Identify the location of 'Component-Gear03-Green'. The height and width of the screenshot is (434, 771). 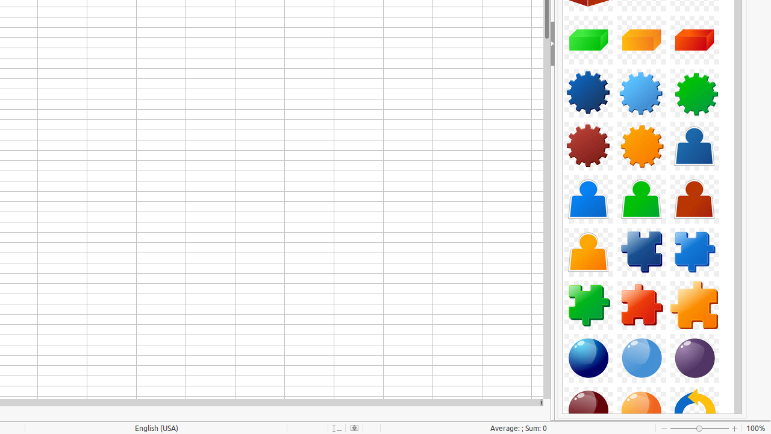
(695, 92).